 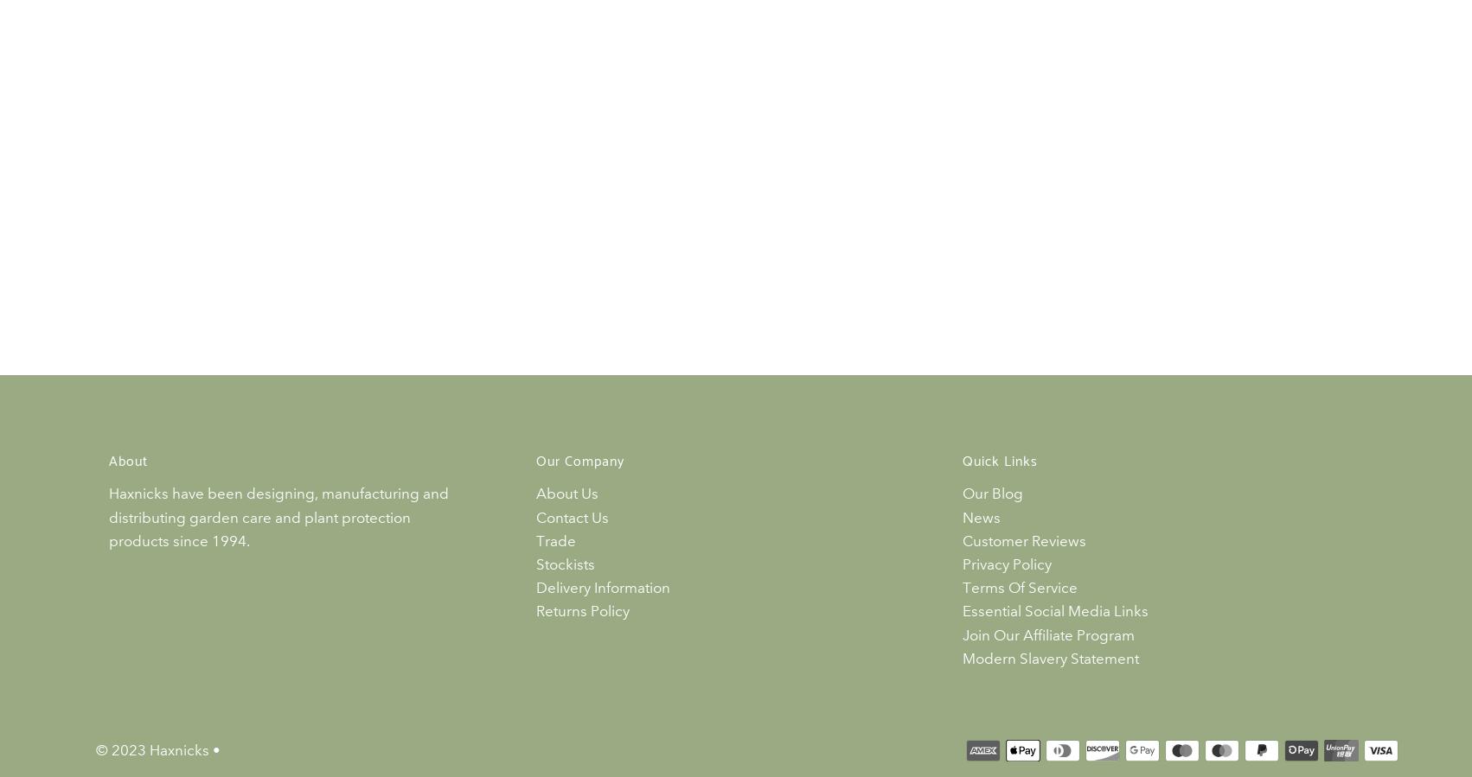 What do you see at coordinates (992, 494) in the screenshot?
I see `'Our Blog'` at bounding box center [992, 494].